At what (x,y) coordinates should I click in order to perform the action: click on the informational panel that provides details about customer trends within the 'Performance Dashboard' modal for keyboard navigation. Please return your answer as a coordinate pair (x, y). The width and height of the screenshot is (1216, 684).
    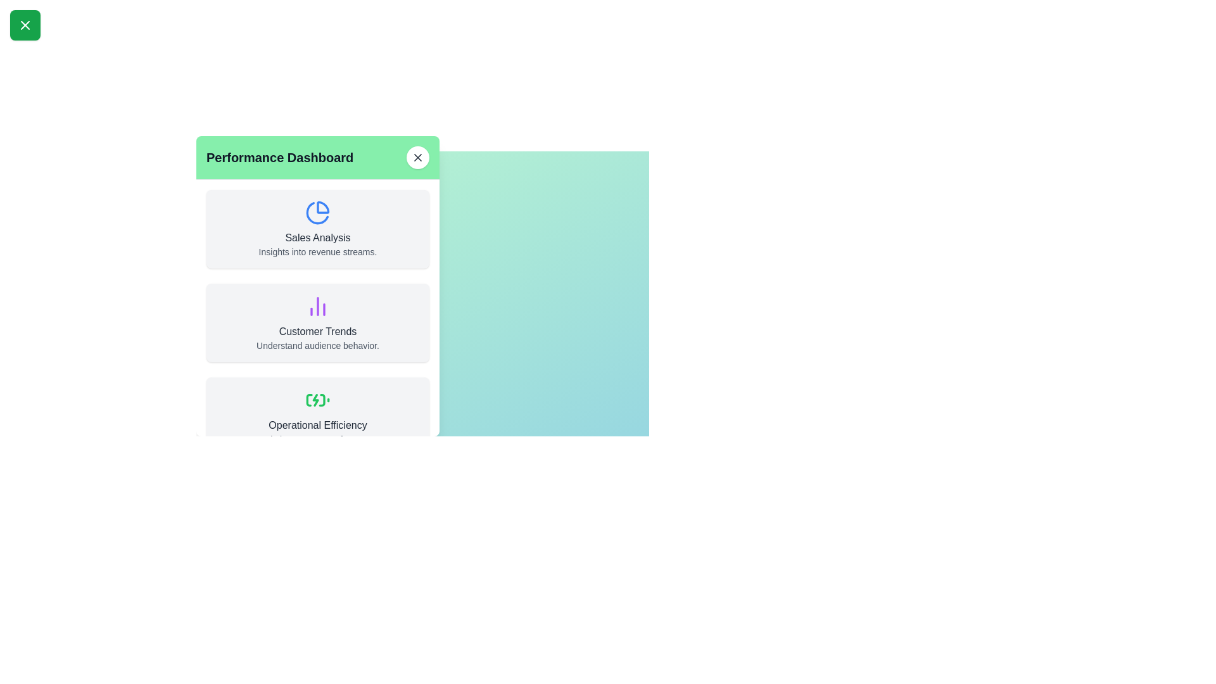
    Looking at the image, I should click on (422, 286).